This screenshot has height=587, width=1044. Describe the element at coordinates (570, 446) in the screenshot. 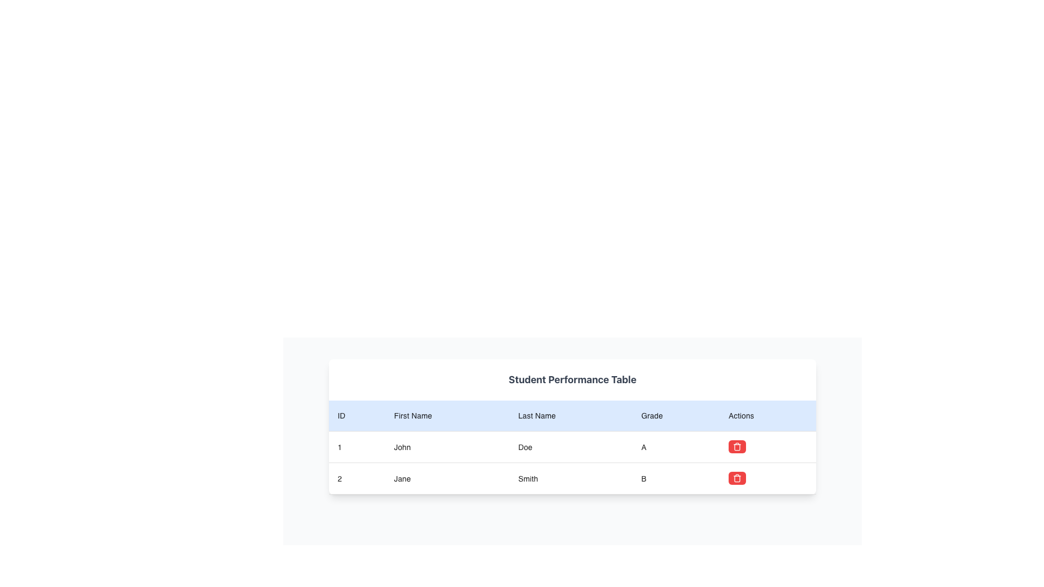

I see `to select the table cell displaying the last name 'Doe' in the 'Student Performance Table', which is located in the third column of the first row` at that location.